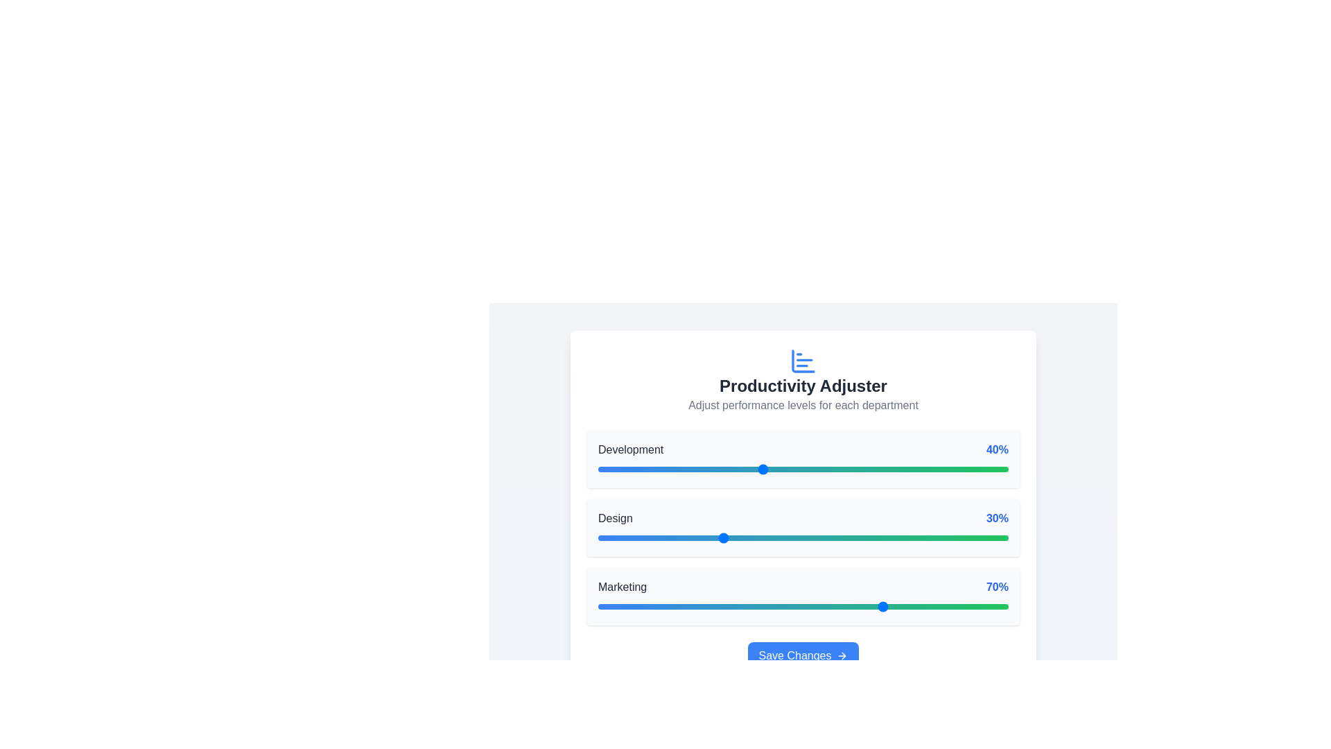 The image size is (1331, 749). I want to click on the submission button located at the bottom of the panel, so click(803, 655).